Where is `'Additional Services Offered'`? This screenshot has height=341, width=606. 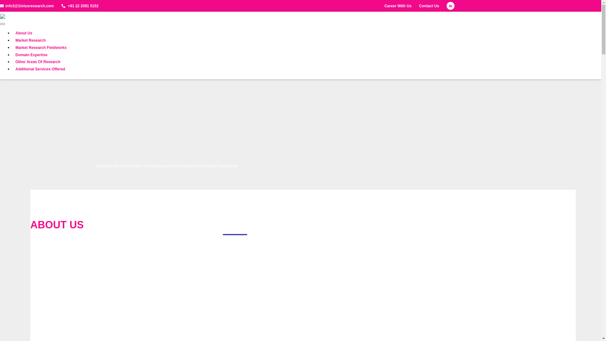
'Additional Services Offered' is located at coordinates (40, 69).